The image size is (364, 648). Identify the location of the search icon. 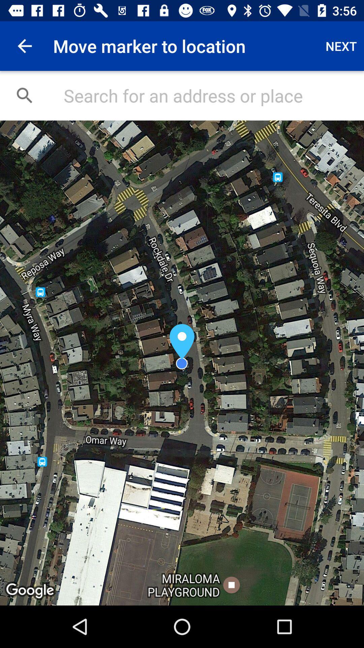
(24, 95).